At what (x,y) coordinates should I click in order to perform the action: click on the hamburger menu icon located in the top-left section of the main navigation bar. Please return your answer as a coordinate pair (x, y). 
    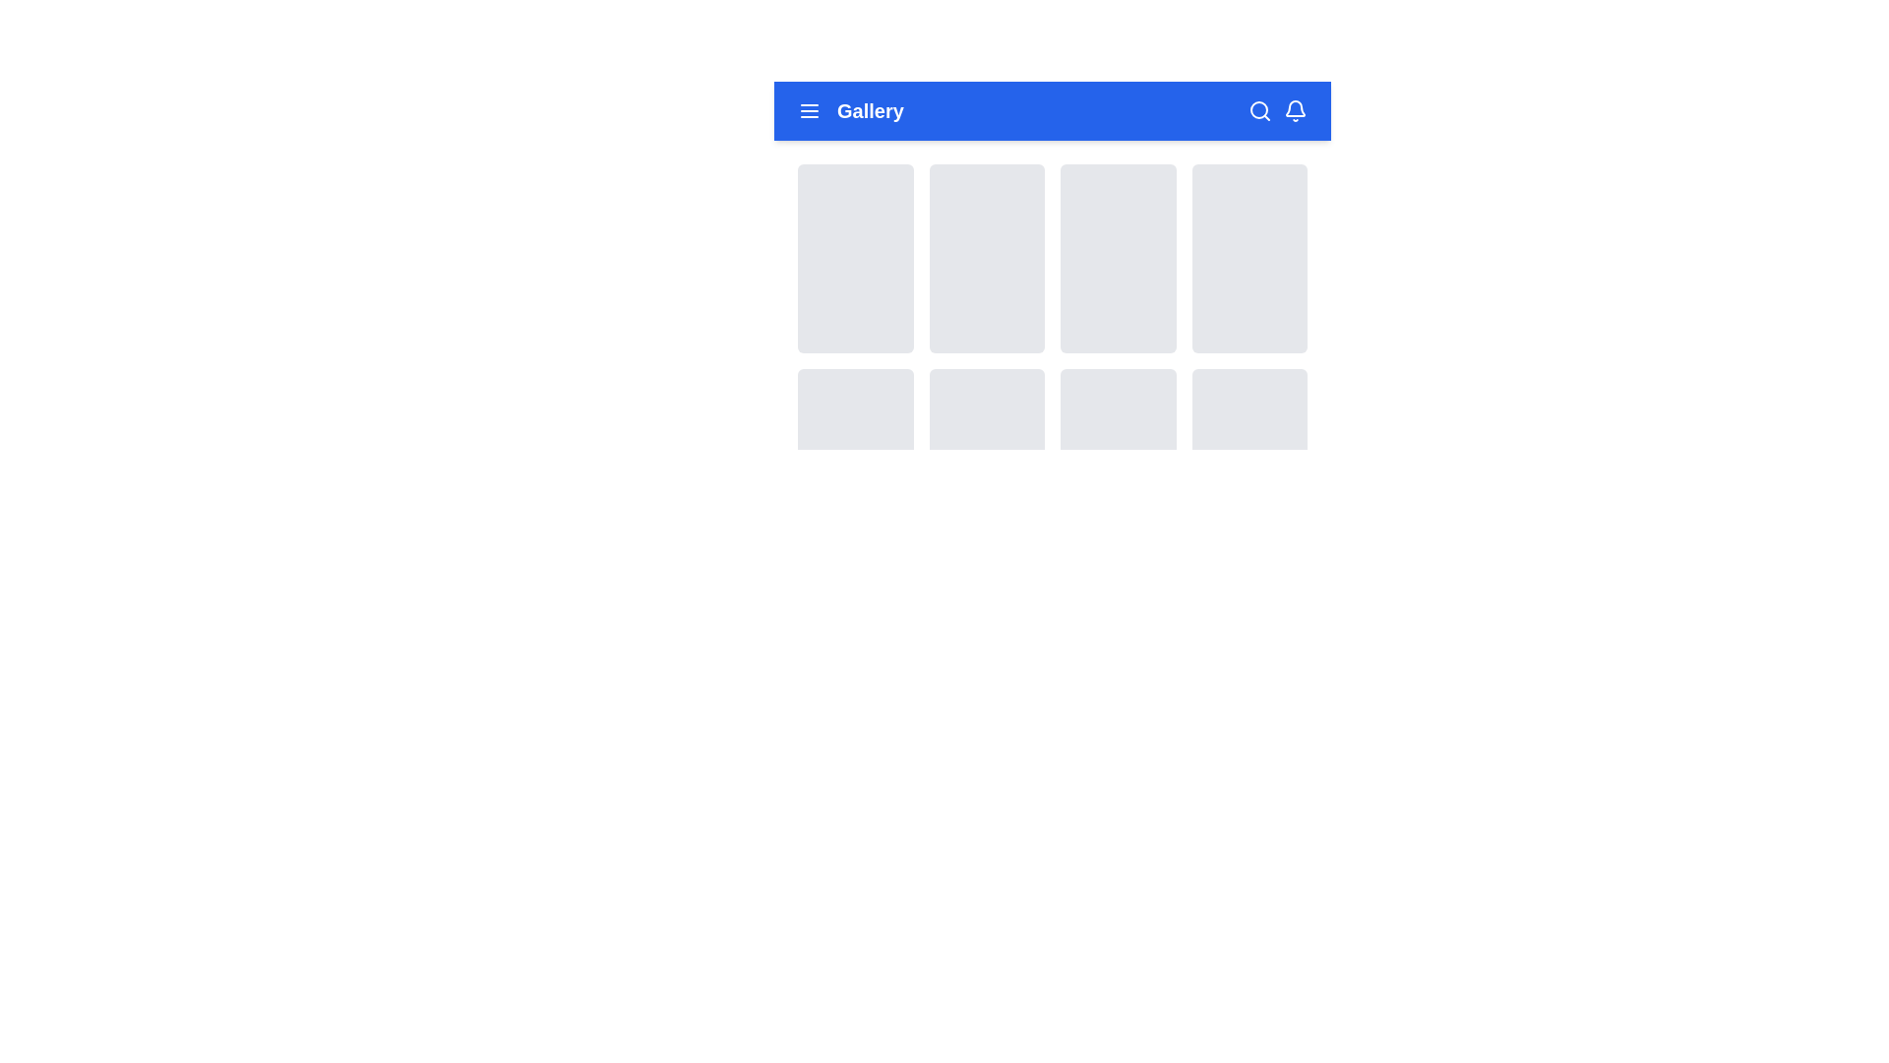
    Looking at the image, I should click on (809, 110).